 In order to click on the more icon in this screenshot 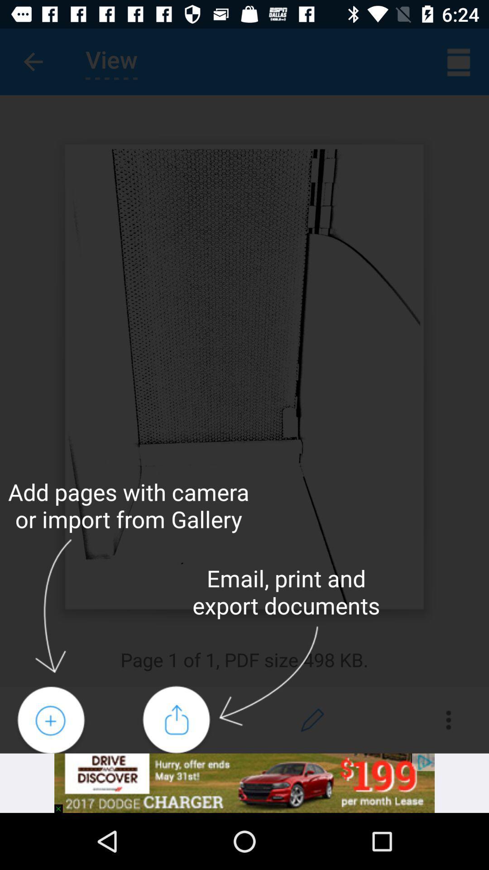, I will do `click(448, 720)`.